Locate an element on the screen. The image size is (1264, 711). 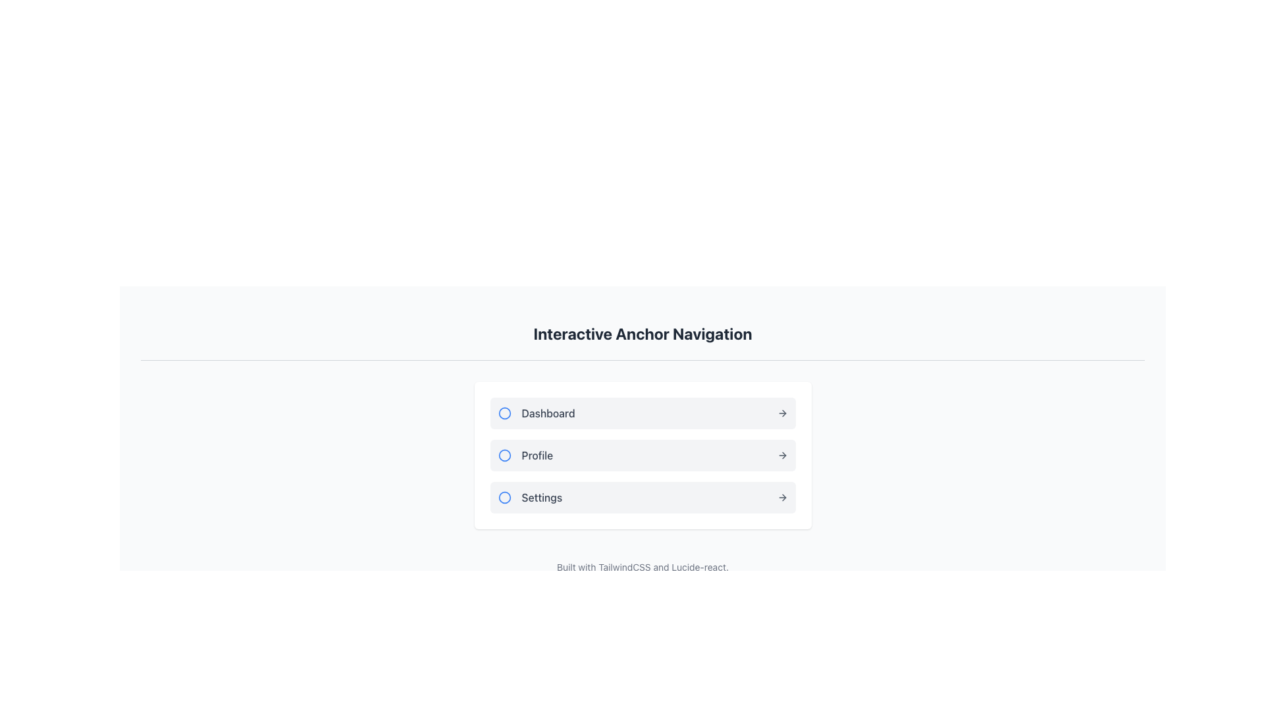
the 'Profile' button, which is the second item in a vertical list of three buttons, to trigger a visual change is located at coordinates (643, 454).